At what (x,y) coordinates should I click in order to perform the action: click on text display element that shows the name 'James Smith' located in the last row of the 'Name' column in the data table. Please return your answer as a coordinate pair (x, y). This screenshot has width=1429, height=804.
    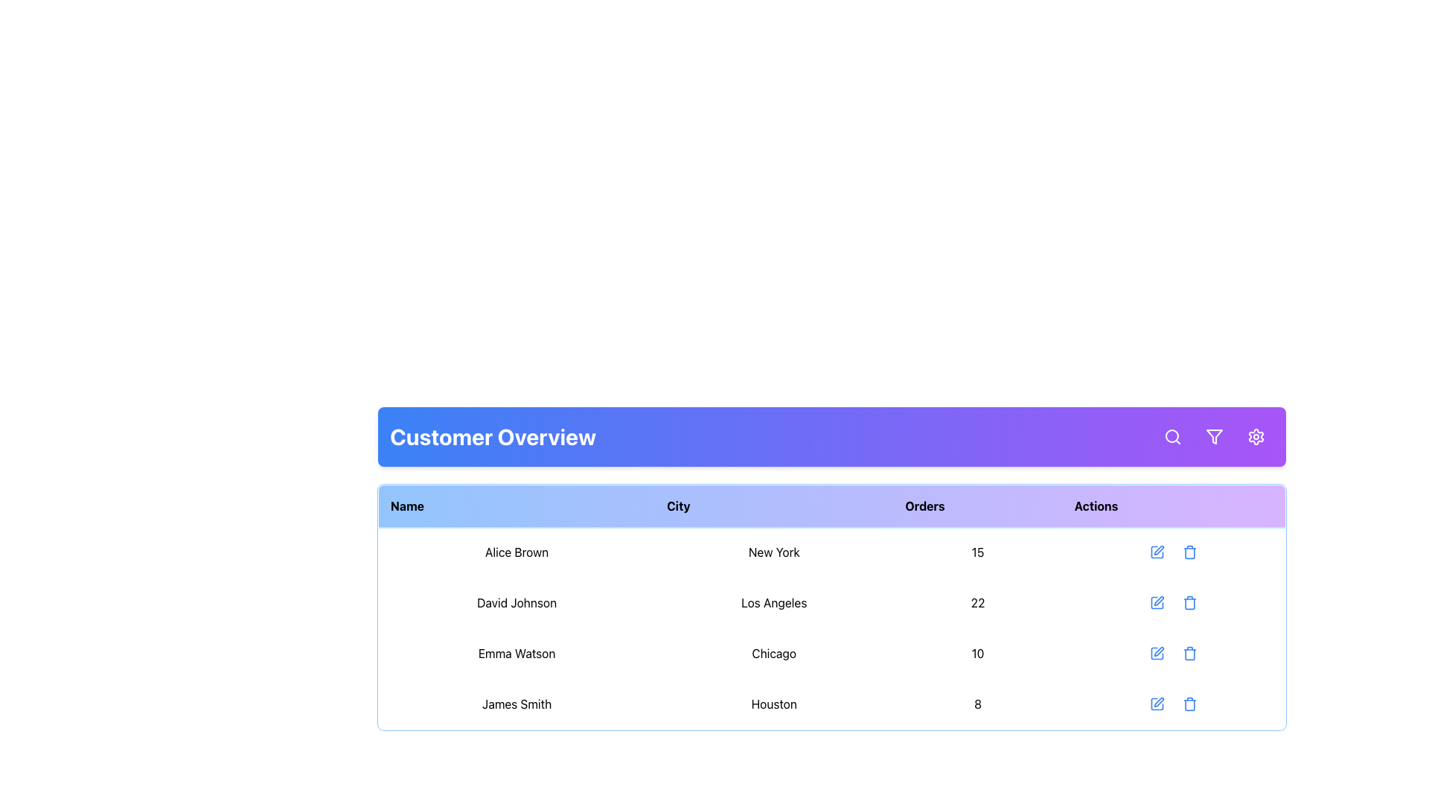
    Looking at the image, I should click on (517, 703).